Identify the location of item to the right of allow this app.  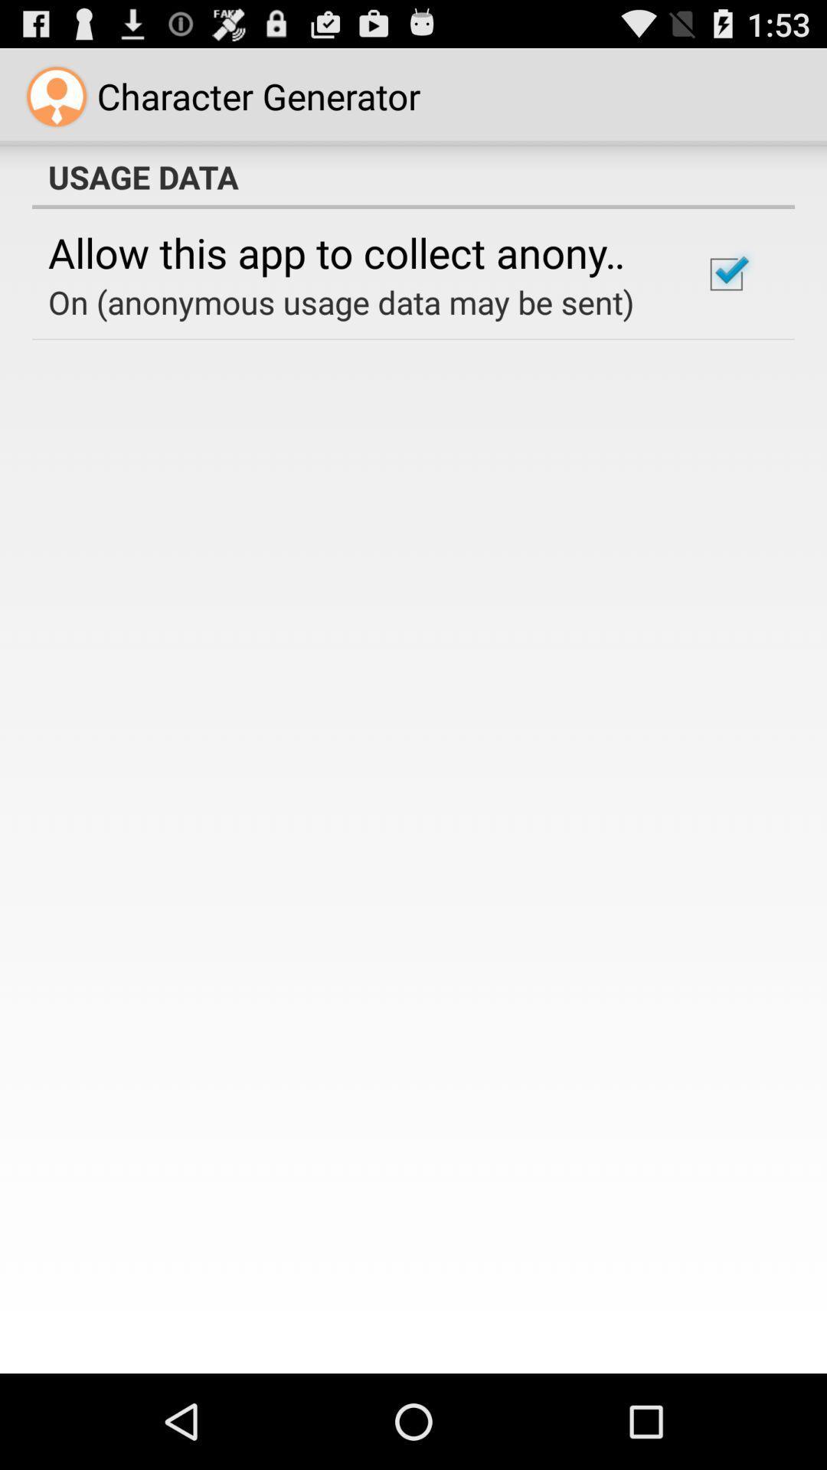
(725, 274).